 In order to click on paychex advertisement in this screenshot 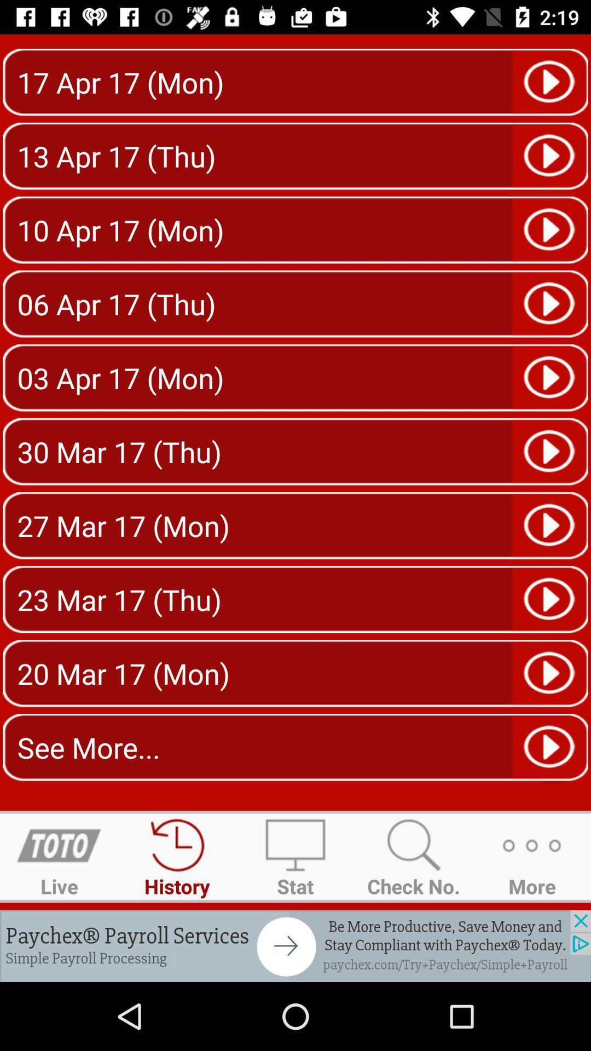, I will do `click(296, 945)`.